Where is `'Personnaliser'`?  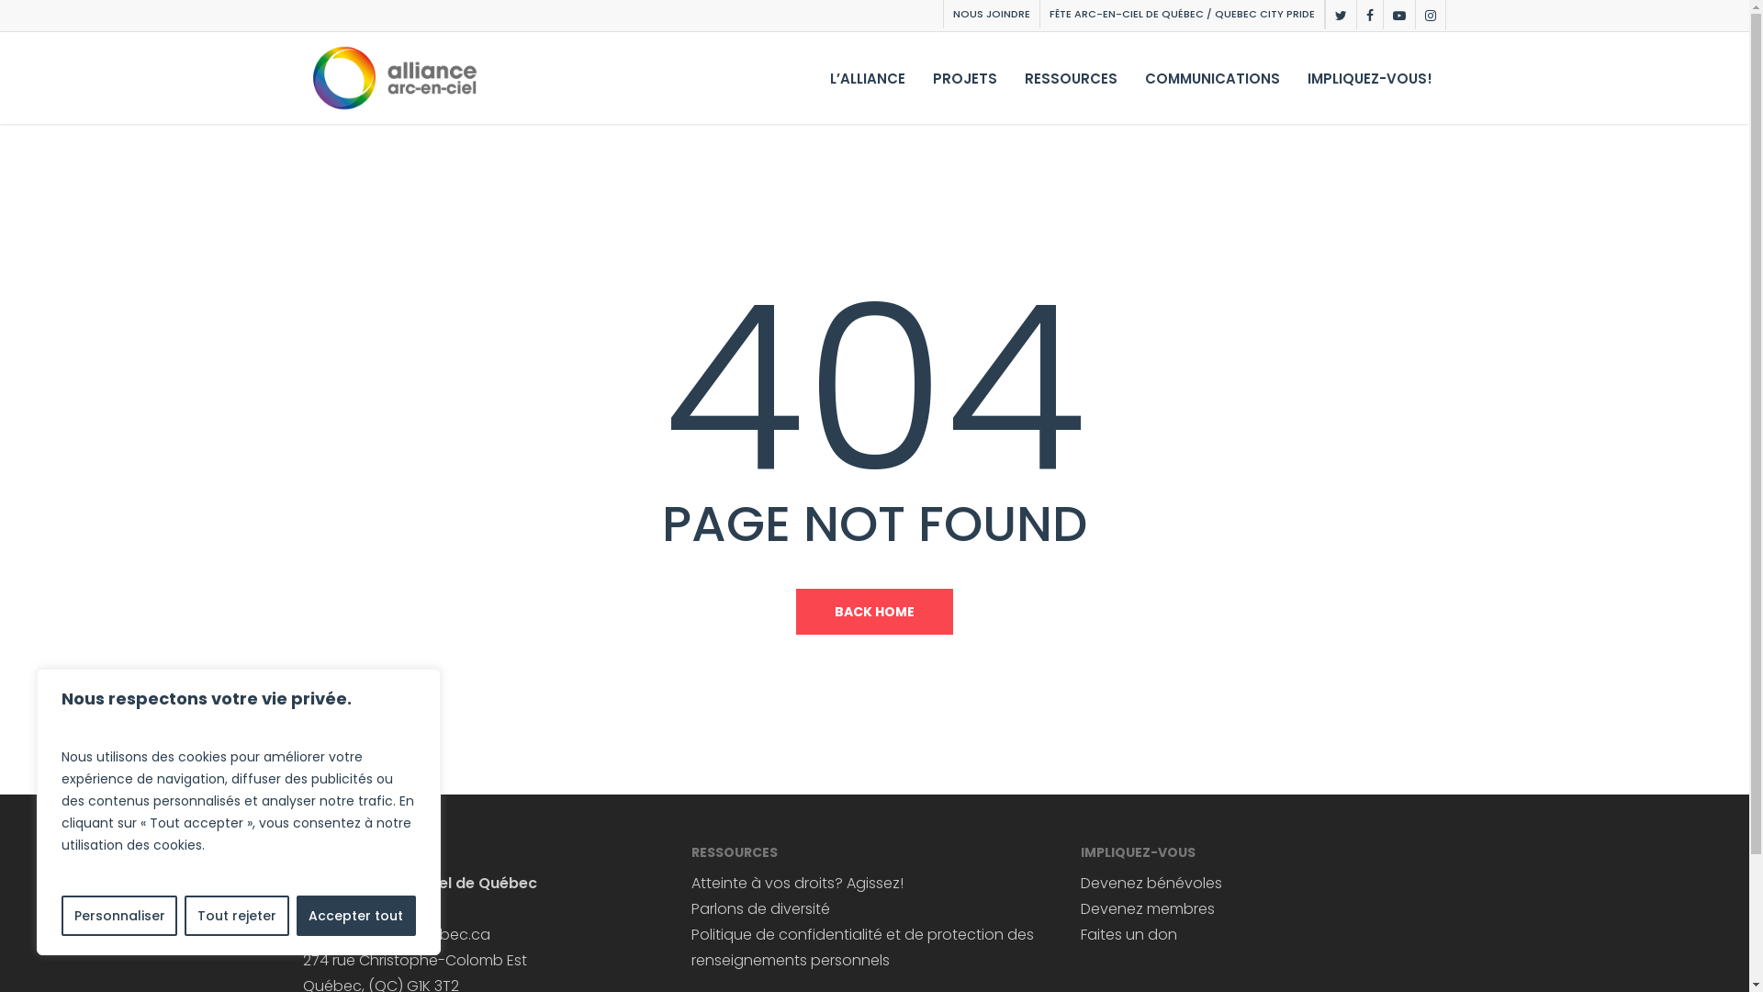 'Personnaliser' is located at coordinates (118, 915).